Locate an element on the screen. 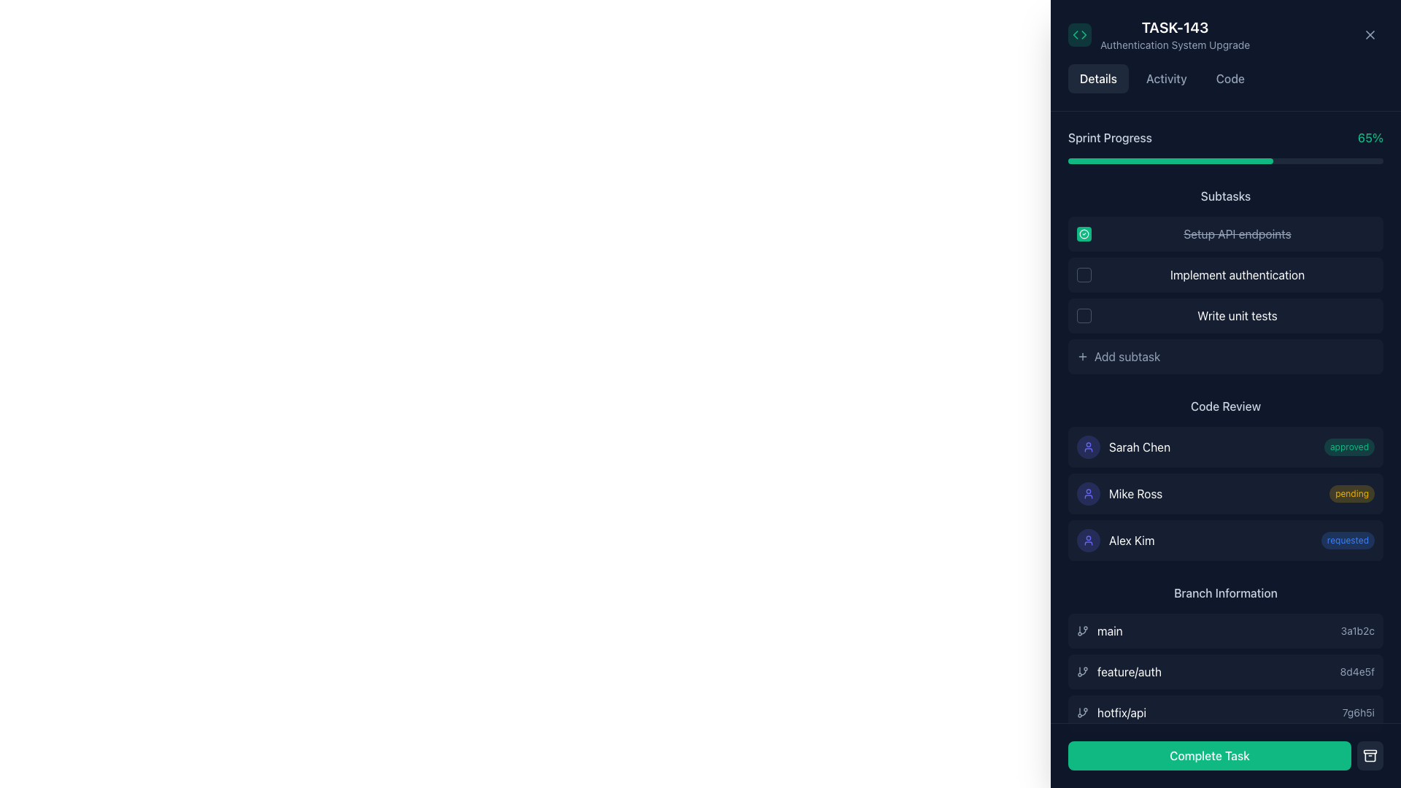 This screenshot has width=1401, height=788. the 'Subtasks' text label located at the top of the 'Details' sub-panel, which is visually distinct with slate-gray color and serves as a title for the subtasks list is located at coordinates (1226, 196).